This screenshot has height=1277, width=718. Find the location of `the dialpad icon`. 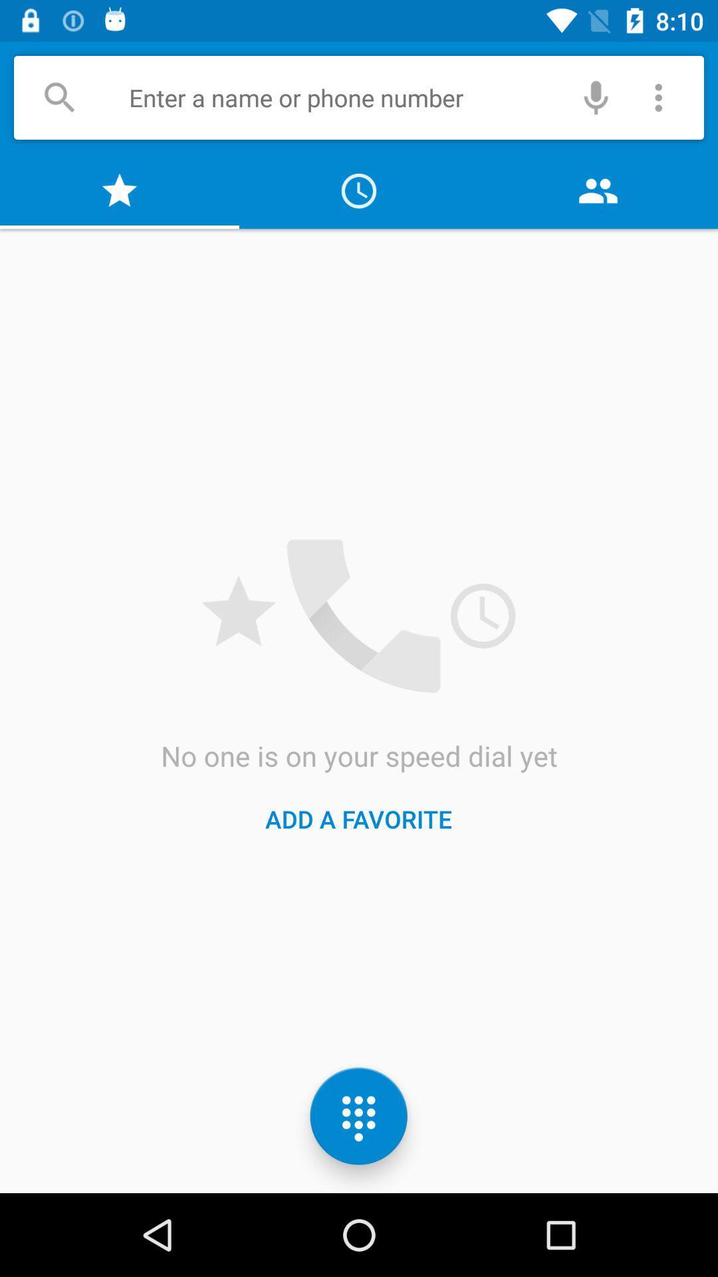

the dialpad icon is located at coordinates (359, 1116).